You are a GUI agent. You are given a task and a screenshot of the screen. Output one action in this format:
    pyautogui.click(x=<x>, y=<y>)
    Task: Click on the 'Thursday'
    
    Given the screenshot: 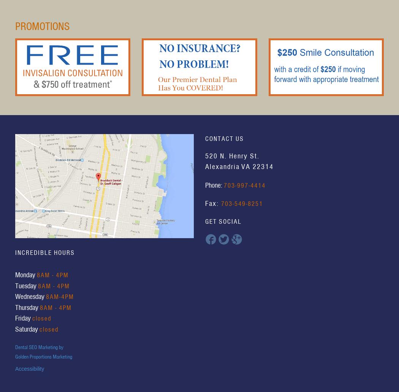 What is the action you would take?
    pyautogui.click(x=27, y=307)
    